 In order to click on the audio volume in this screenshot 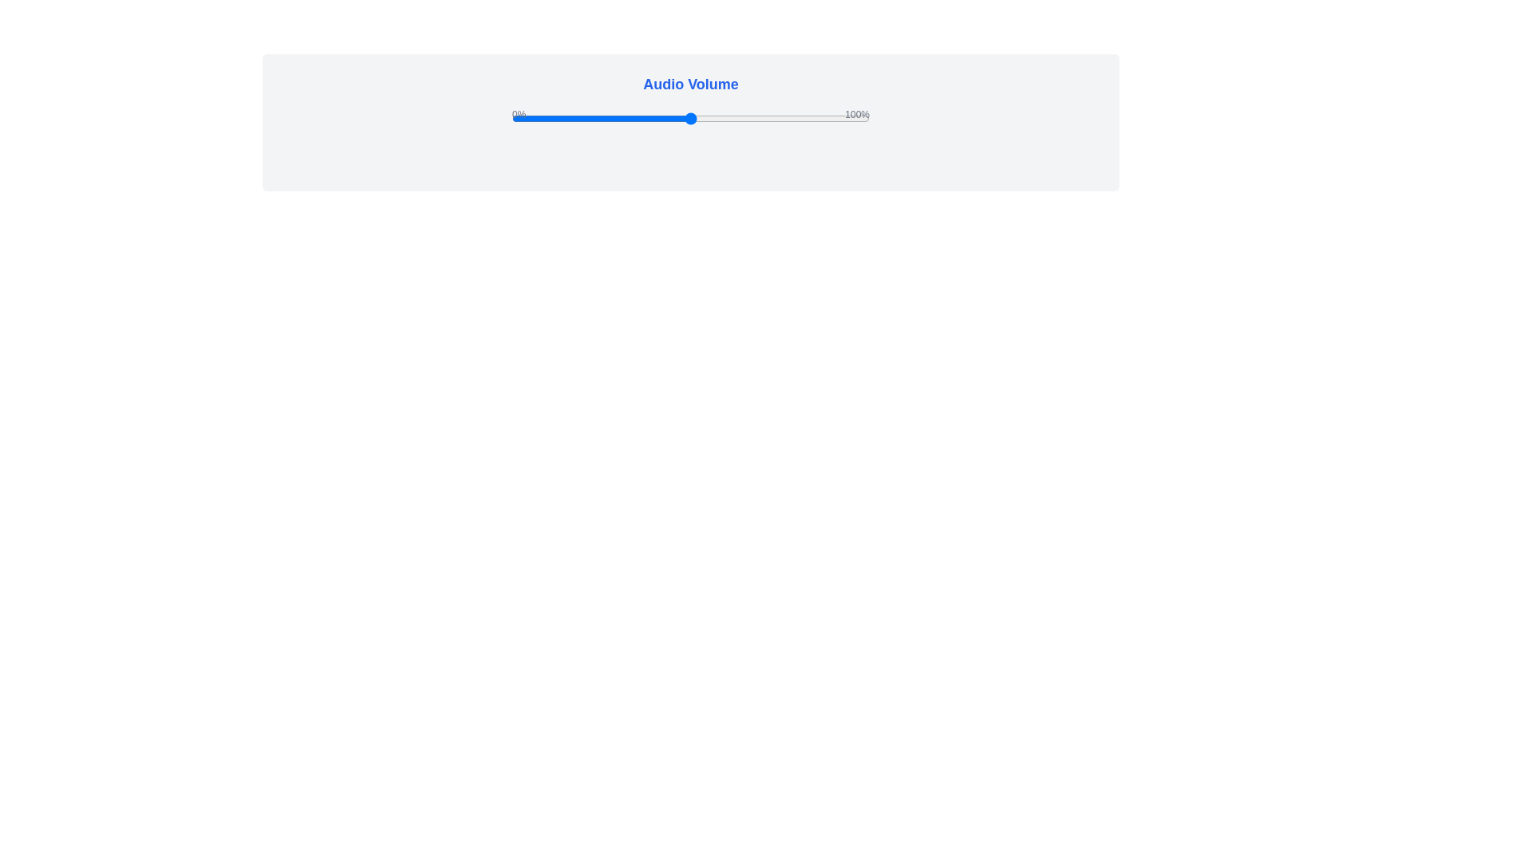, I will do `click(708, 118)`.